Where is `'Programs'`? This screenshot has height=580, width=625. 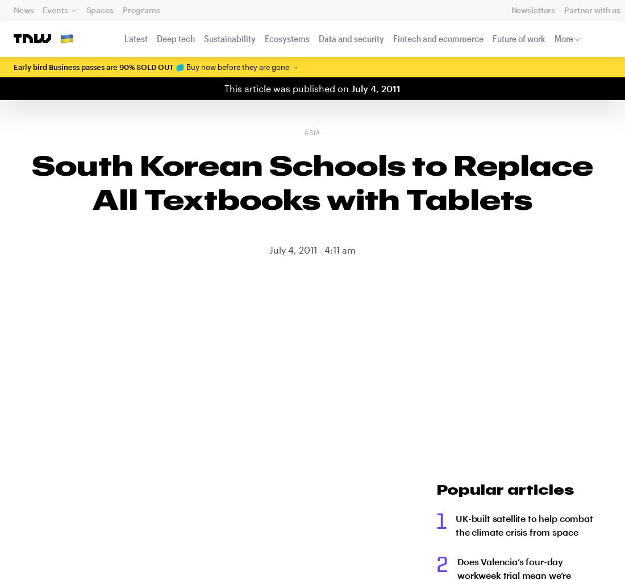
'Programs' is located at coordinates (141, 9).